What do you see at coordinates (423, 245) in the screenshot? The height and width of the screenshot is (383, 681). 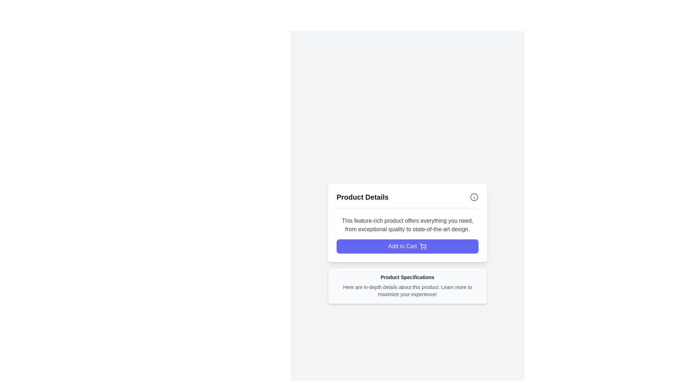 I see `shopping cart icon which is part of the 'Add to Cart' button, located slightly to the right of the button's text` at bounding box center [423, 245].